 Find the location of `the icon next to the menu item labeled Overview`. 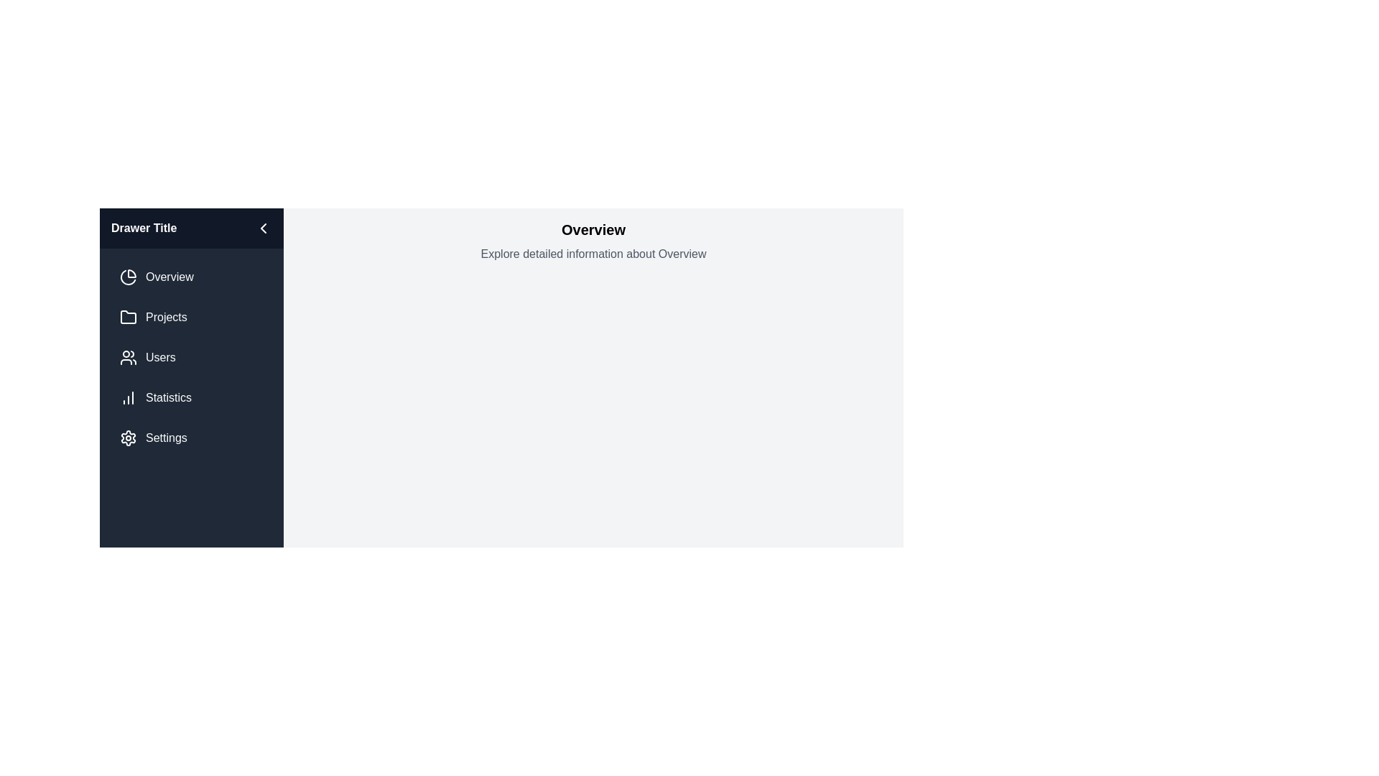

the icon next to the menu item labeled Overview is located at coordinates (128, 277).